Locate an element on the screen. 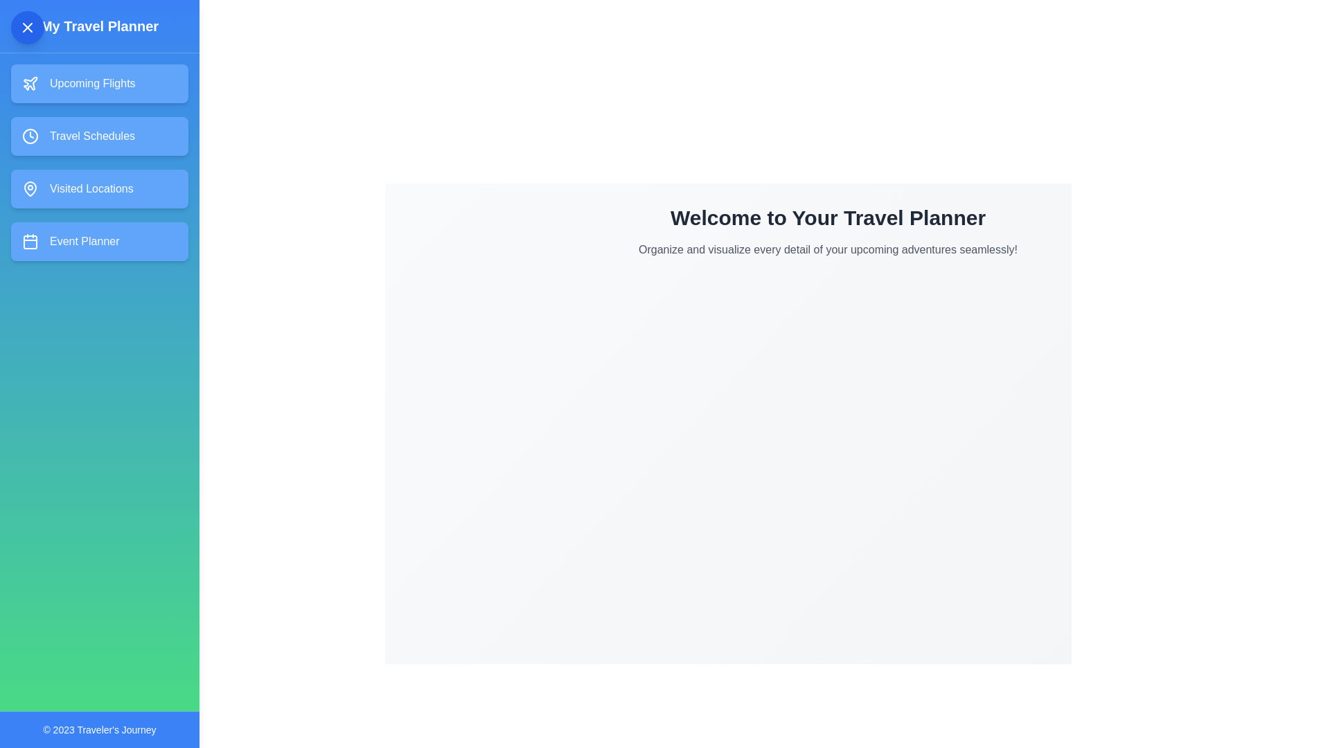 Image resolution: width=1330 pixels, height=748 pixels. the text label that denotes the purpose of the 'Travel Schedules' button, which is located second from the top of the left-hand side menu is located at coordinates (91, 136).